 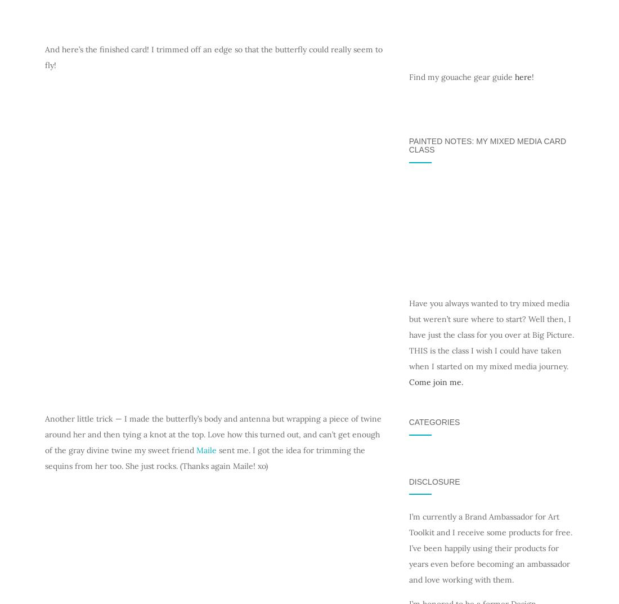 What do you see at coordinates (487, 144) in the screenshot?
I see `'Painted Notes: My Mixed Media Card Class'` at bounding box center [487, 144].